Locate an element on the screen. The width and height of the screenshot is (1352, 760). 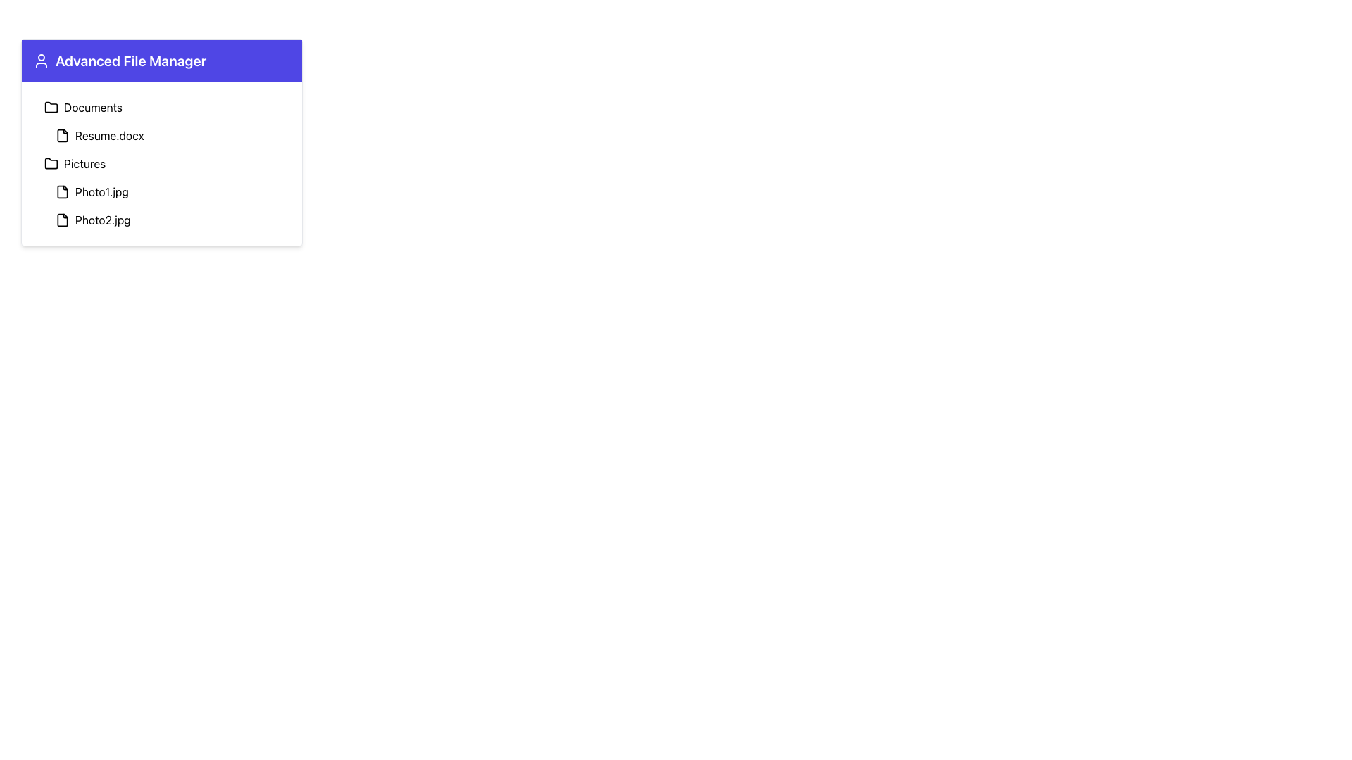
the SVG icon representing 'Resume.docx' in the 'Documents' folder is located at coordinates (62, 135).